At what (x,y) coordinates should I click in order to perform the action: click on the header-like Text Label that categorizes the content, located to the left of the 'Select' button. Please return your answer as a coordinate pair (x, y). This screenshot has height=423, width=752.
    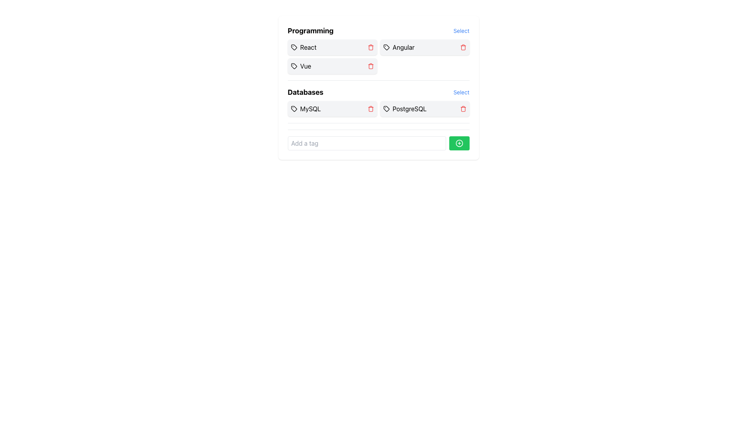
    Looking at the image, I should click on (310, 30).